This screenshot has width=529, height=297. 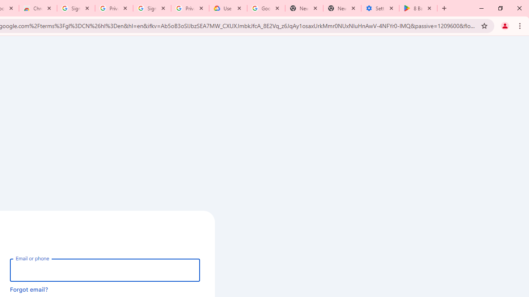 I want to click on 'Email or phone', so click(x=105, y=270).